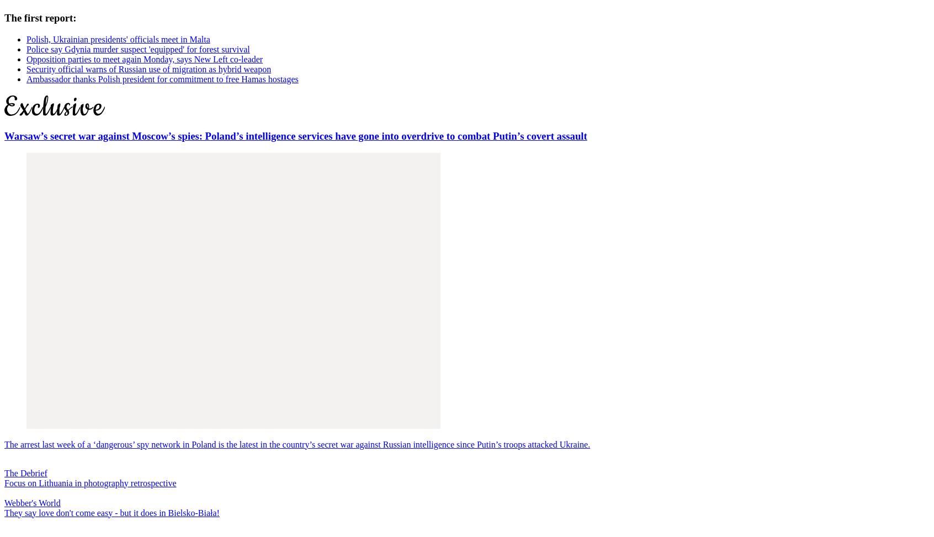 Image resolution: width=934 pixels, height=537 pixels. Describe the element at coordinates (40, 18) in the screenshot. I see `'The first report:'` at that location.